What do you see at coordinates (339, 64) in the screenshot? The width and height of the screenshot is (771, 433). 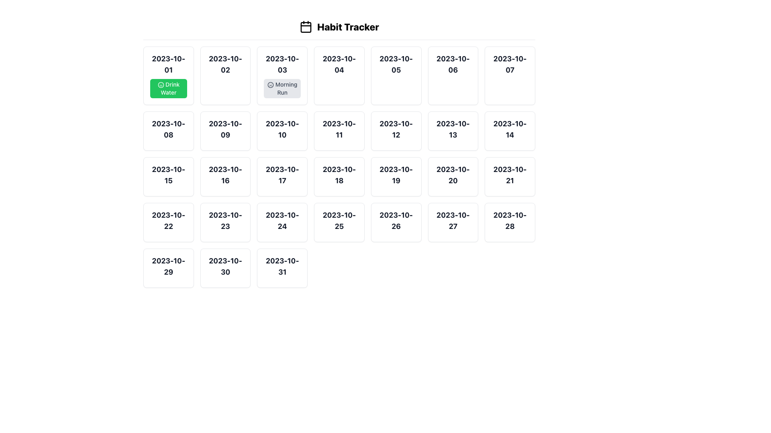 I see `the text label displaying '2023-10-04' in the calendar cell, which is styled in bold and dark color within a white rounded box` at bounding box center [339, 64].